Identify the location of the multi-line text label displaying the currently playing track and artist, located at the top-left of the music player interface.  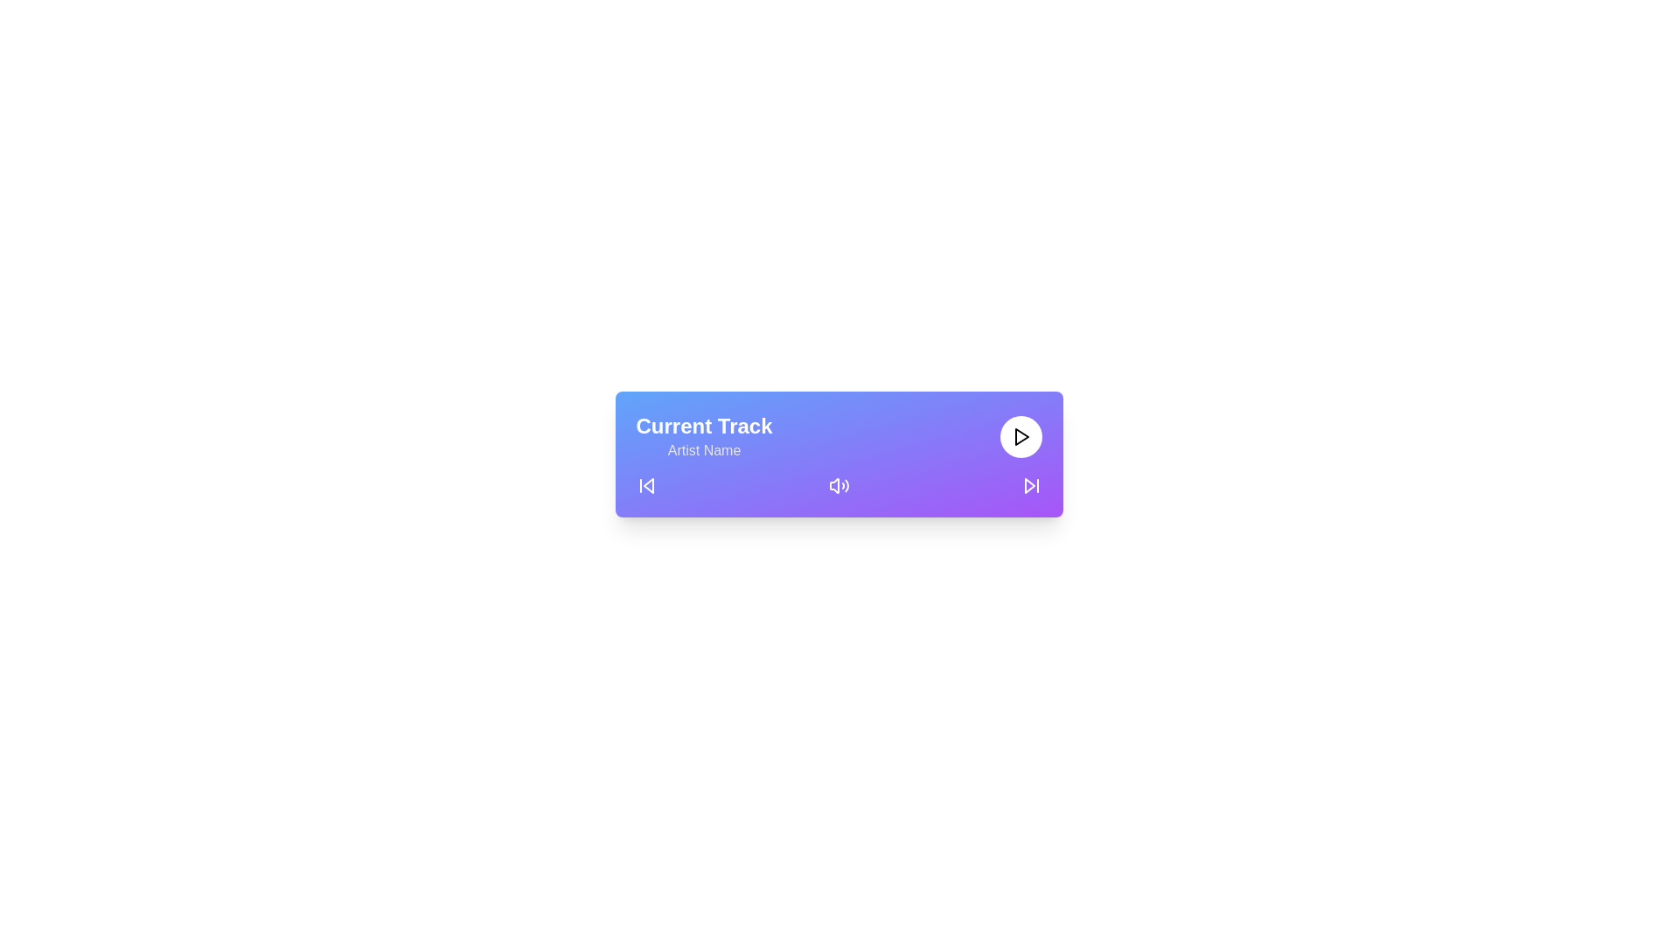
(704, 436).